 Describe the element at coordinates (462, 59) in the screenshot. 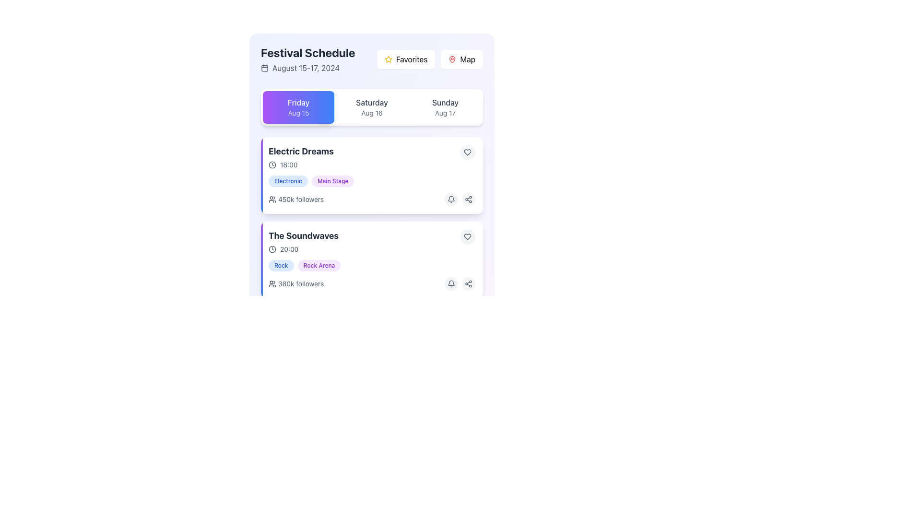

I see `the 'Map' button, which is a rectangular button with a white background and a red map pin icon, located to the top-right of the main interface` at that location.